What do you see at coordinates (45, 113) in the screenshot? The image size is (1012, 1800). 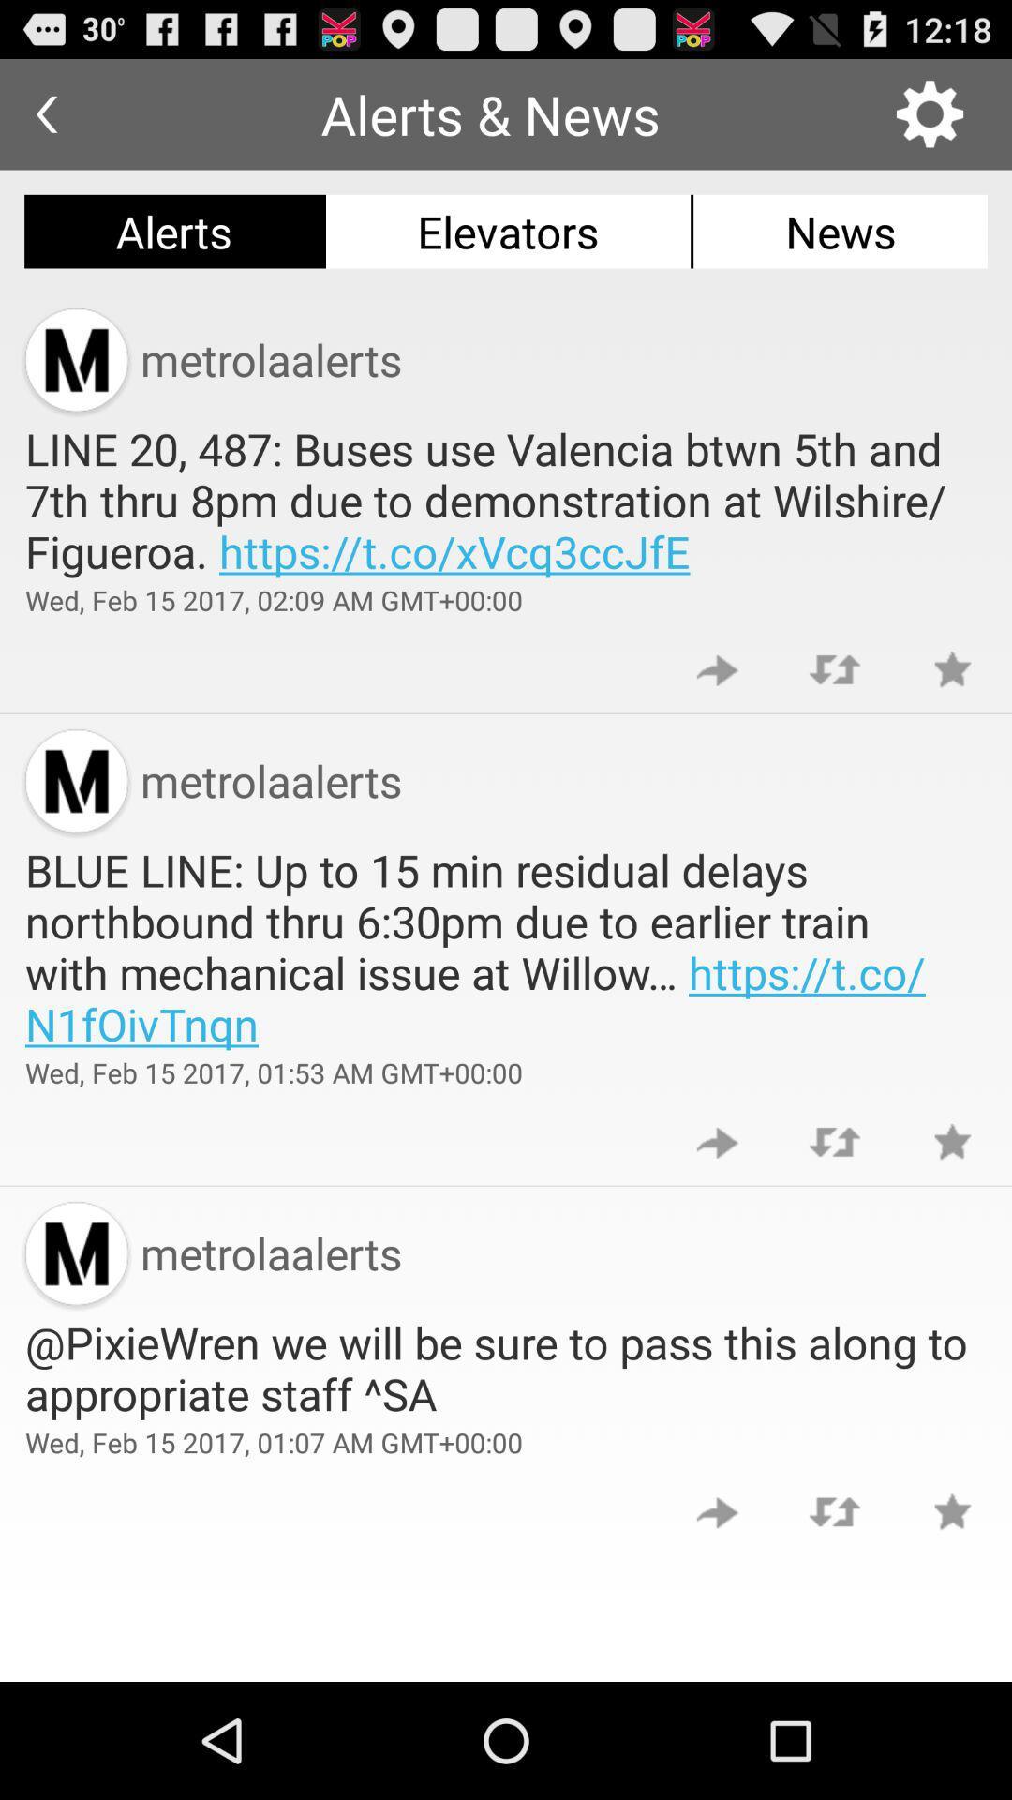 I see `the app next to the alerts & news item` at bounding box center [45, 113].